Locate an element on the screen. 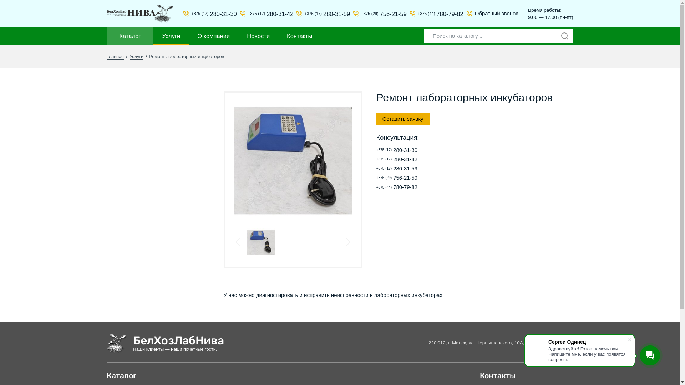  '+375 (17) is located at coordinates (423, 150).